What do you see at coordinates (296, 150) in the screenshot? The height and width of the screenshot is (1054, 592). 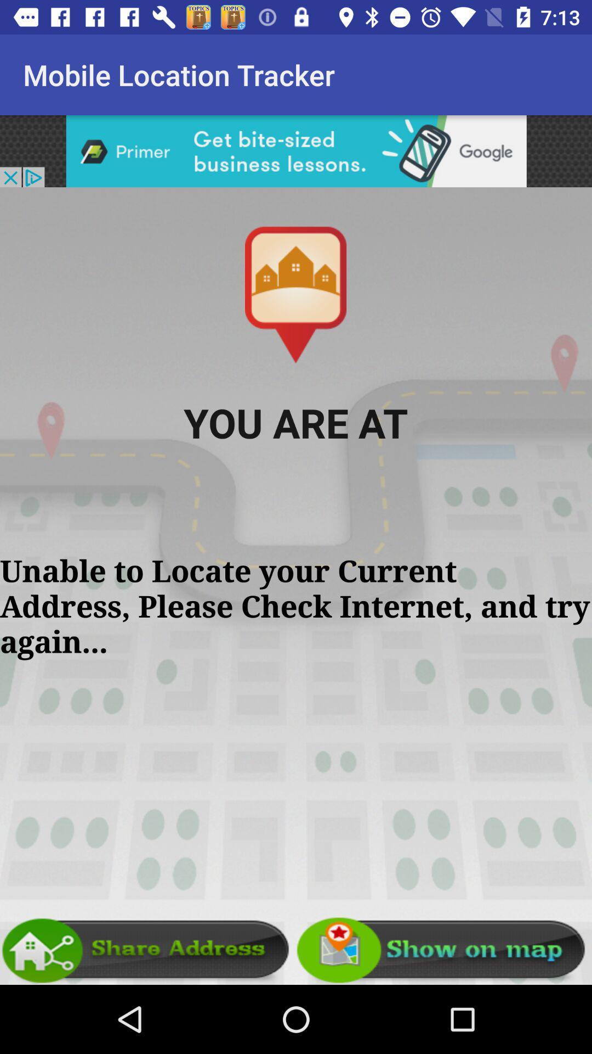 I see `search botton` at bounding box center [296, 150].